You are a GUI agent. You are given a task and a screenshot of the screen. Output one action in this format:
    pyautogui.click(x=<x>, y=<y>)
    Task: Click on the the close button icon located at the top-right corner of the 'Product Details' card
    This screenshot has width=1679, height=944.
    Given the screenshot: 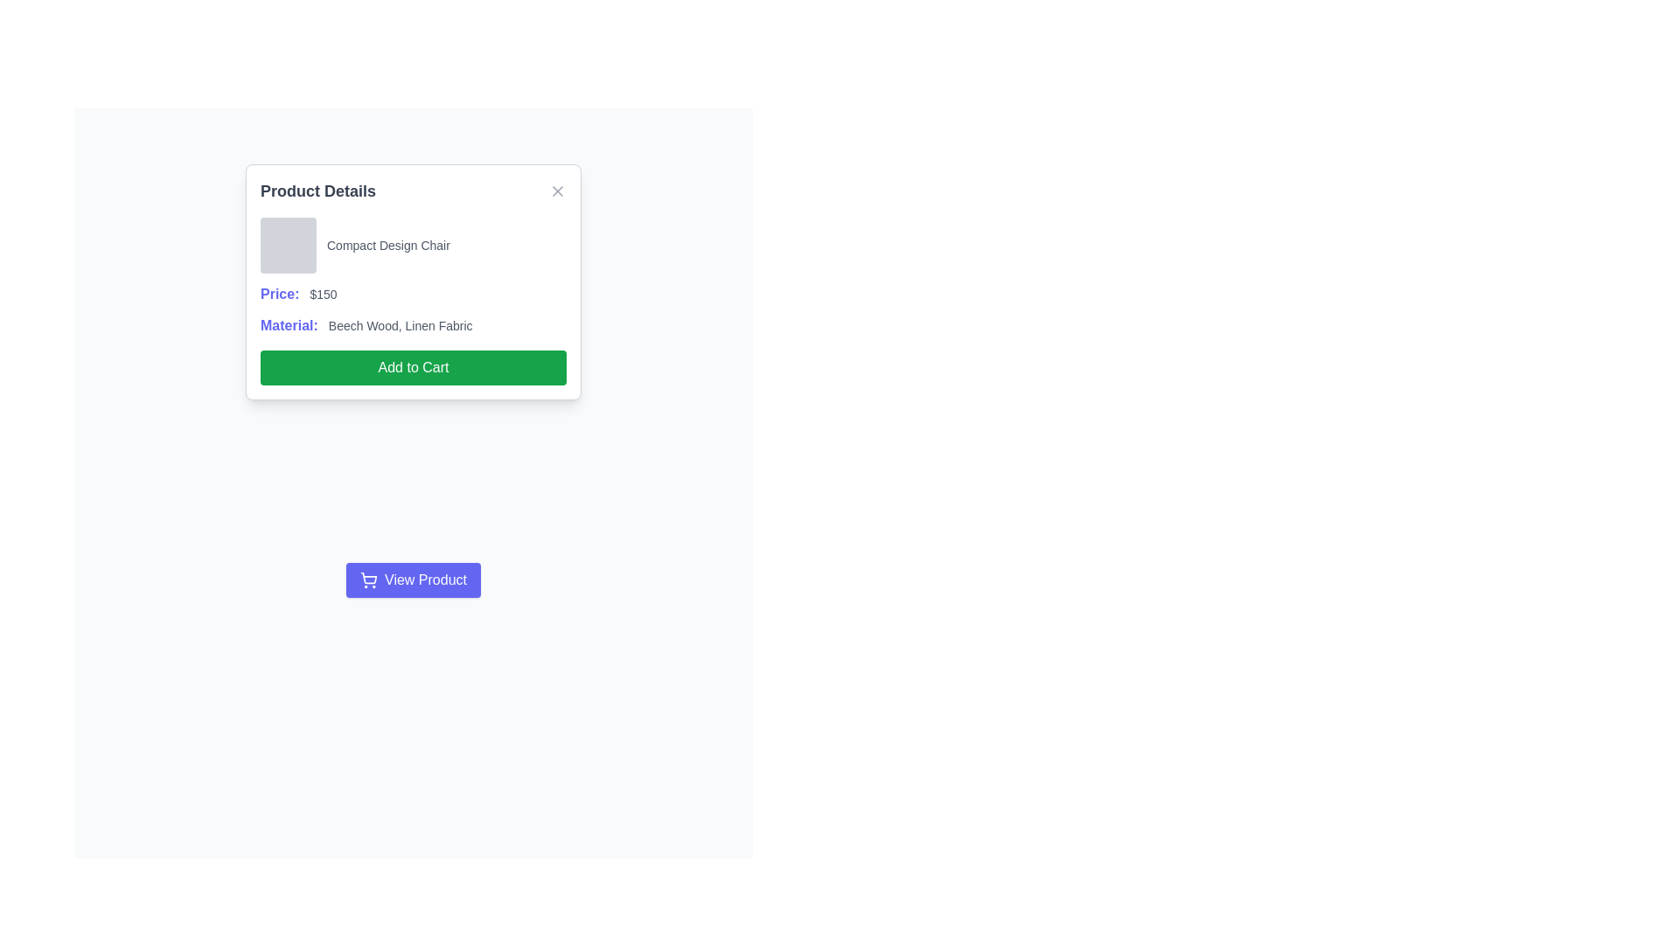 What is the action you would take?
    pyautogui.click(x=557, y=191)
    